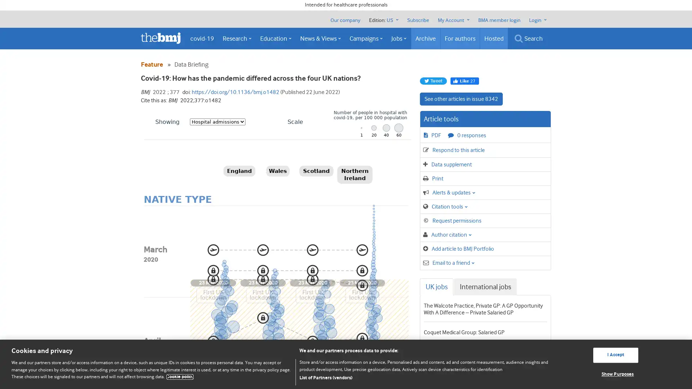 Image resolution: width=692 pixels, height=389 pixels. Describe the element at coordinates (615, 374) in the screenshot. I see `Show Purposes` at that location.